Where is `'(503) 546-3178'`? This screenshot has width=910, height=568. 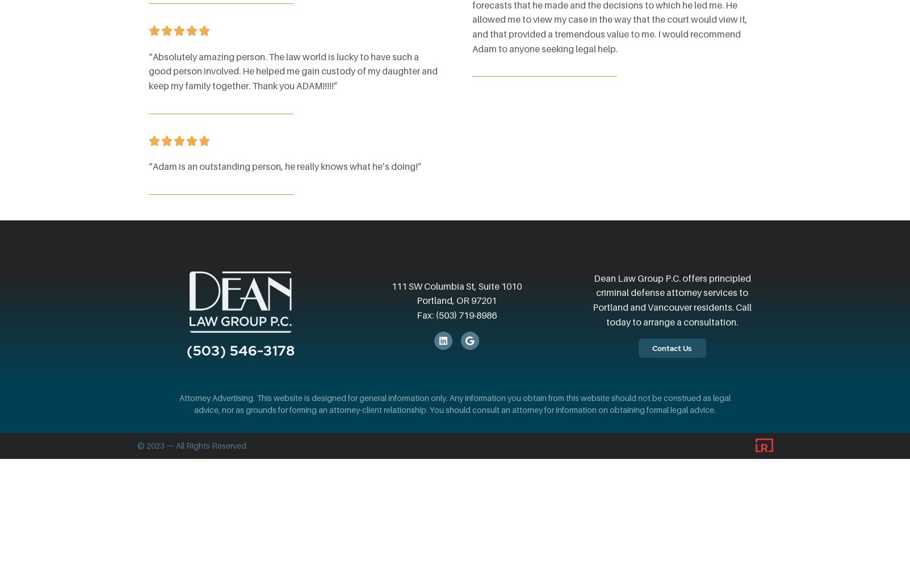 '(503) 546-3178' is located at coordinates (240, 350).